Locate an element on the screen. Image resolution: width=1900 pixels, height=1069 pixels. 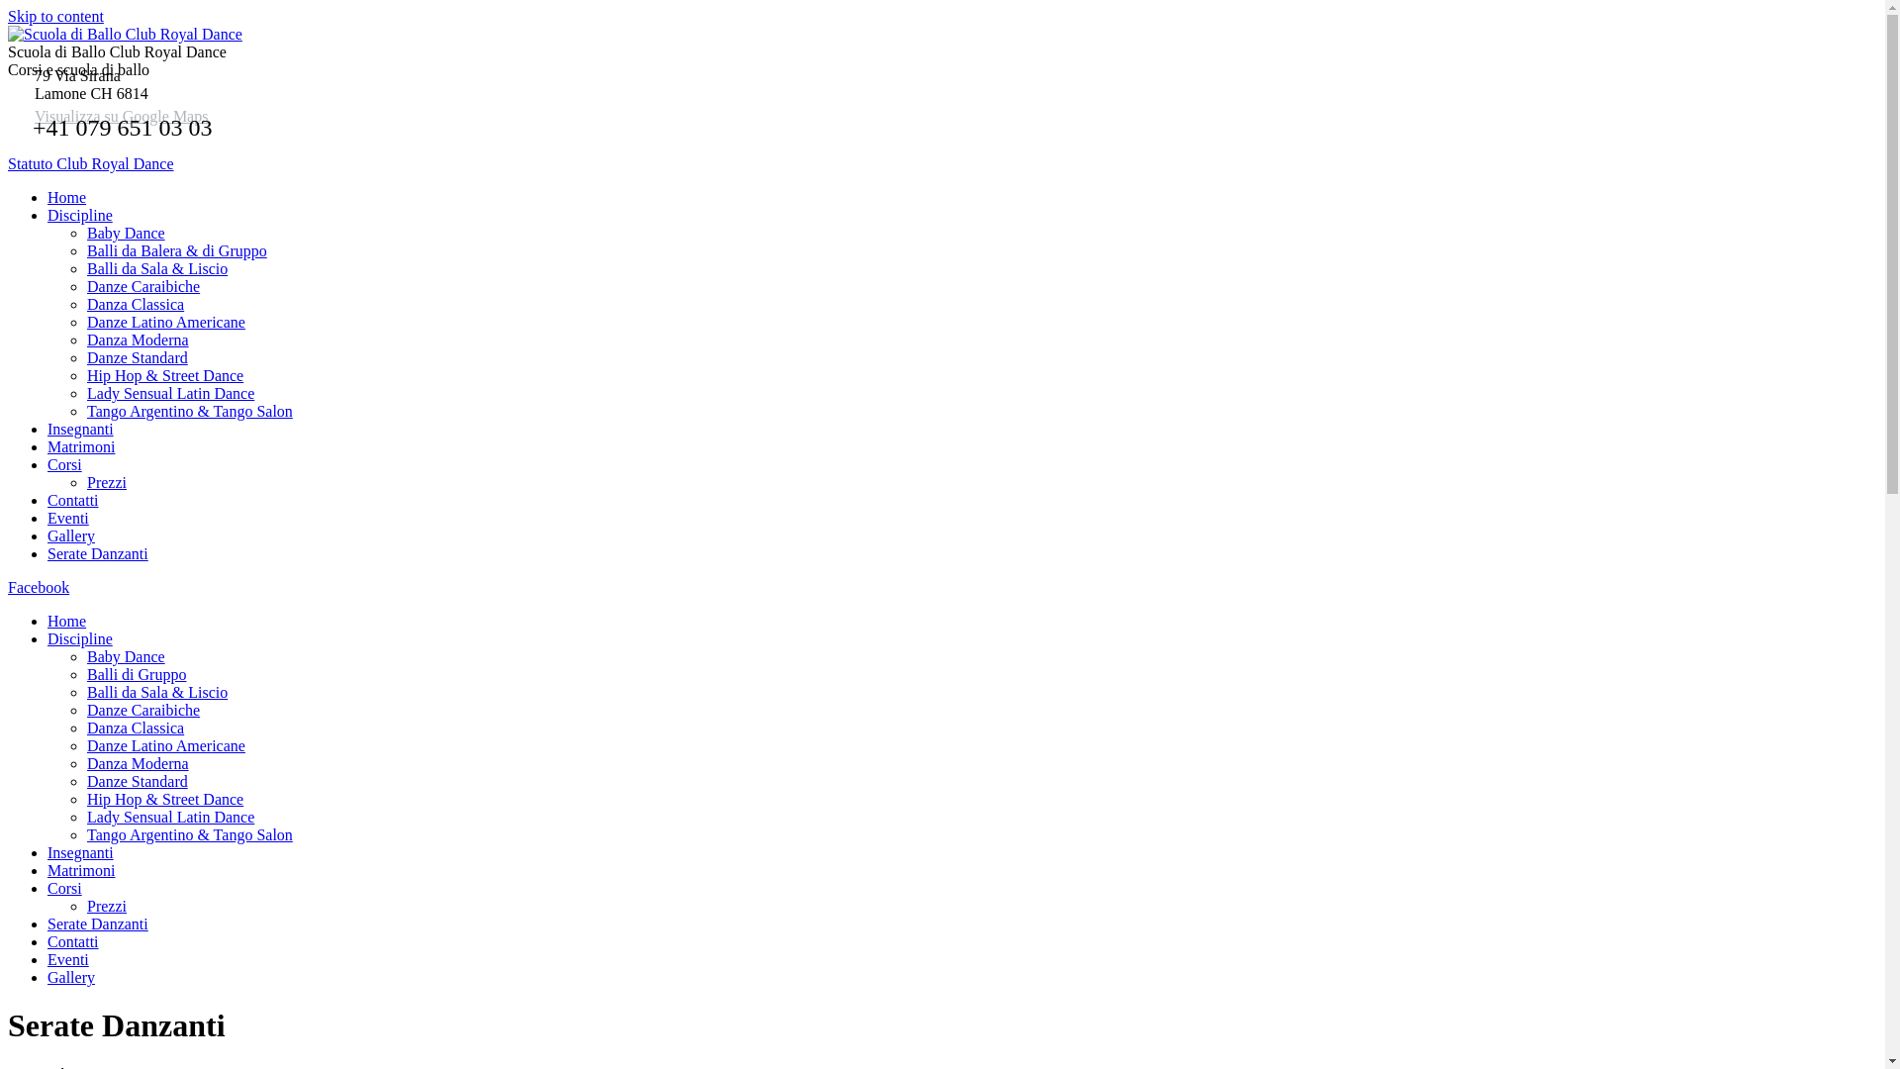
'Danza Moderna' is located at coordinates (137, 339).